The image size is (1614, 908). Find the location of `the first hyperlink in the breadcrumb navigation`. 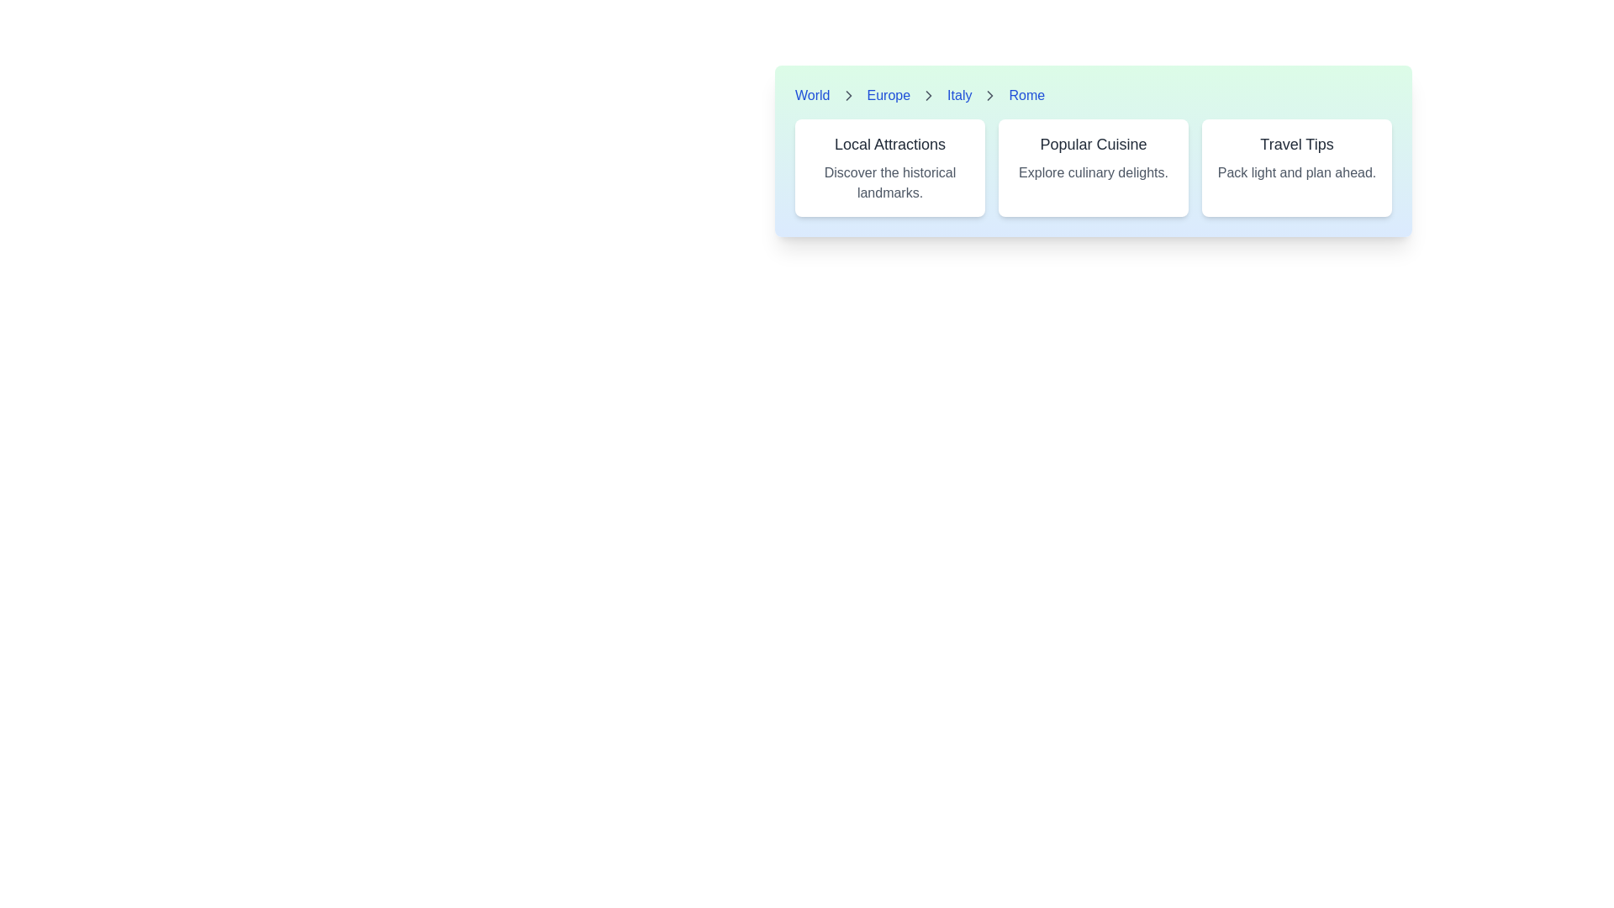

the first hyperlink in the breadcrumb navigation is located at coordinates (812, 96).